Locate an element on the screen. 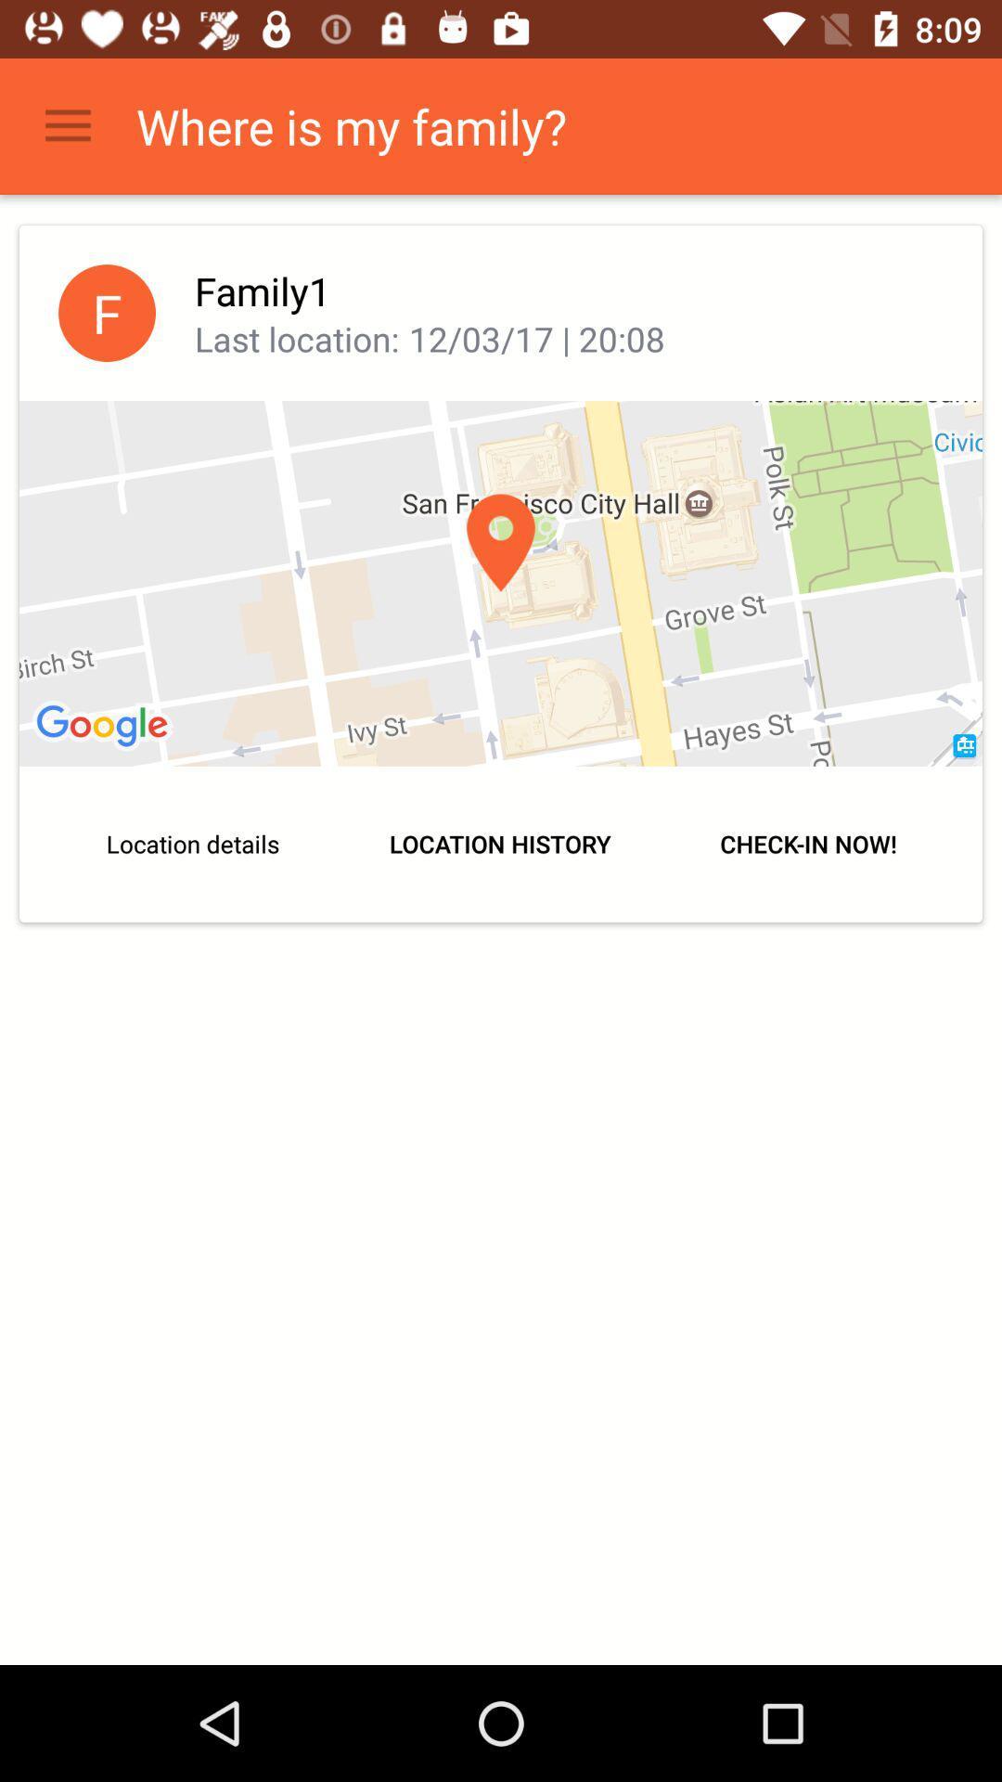 The width and height of the screenshot is (1002, 1782). the text google is located at coordinates (105, 726).